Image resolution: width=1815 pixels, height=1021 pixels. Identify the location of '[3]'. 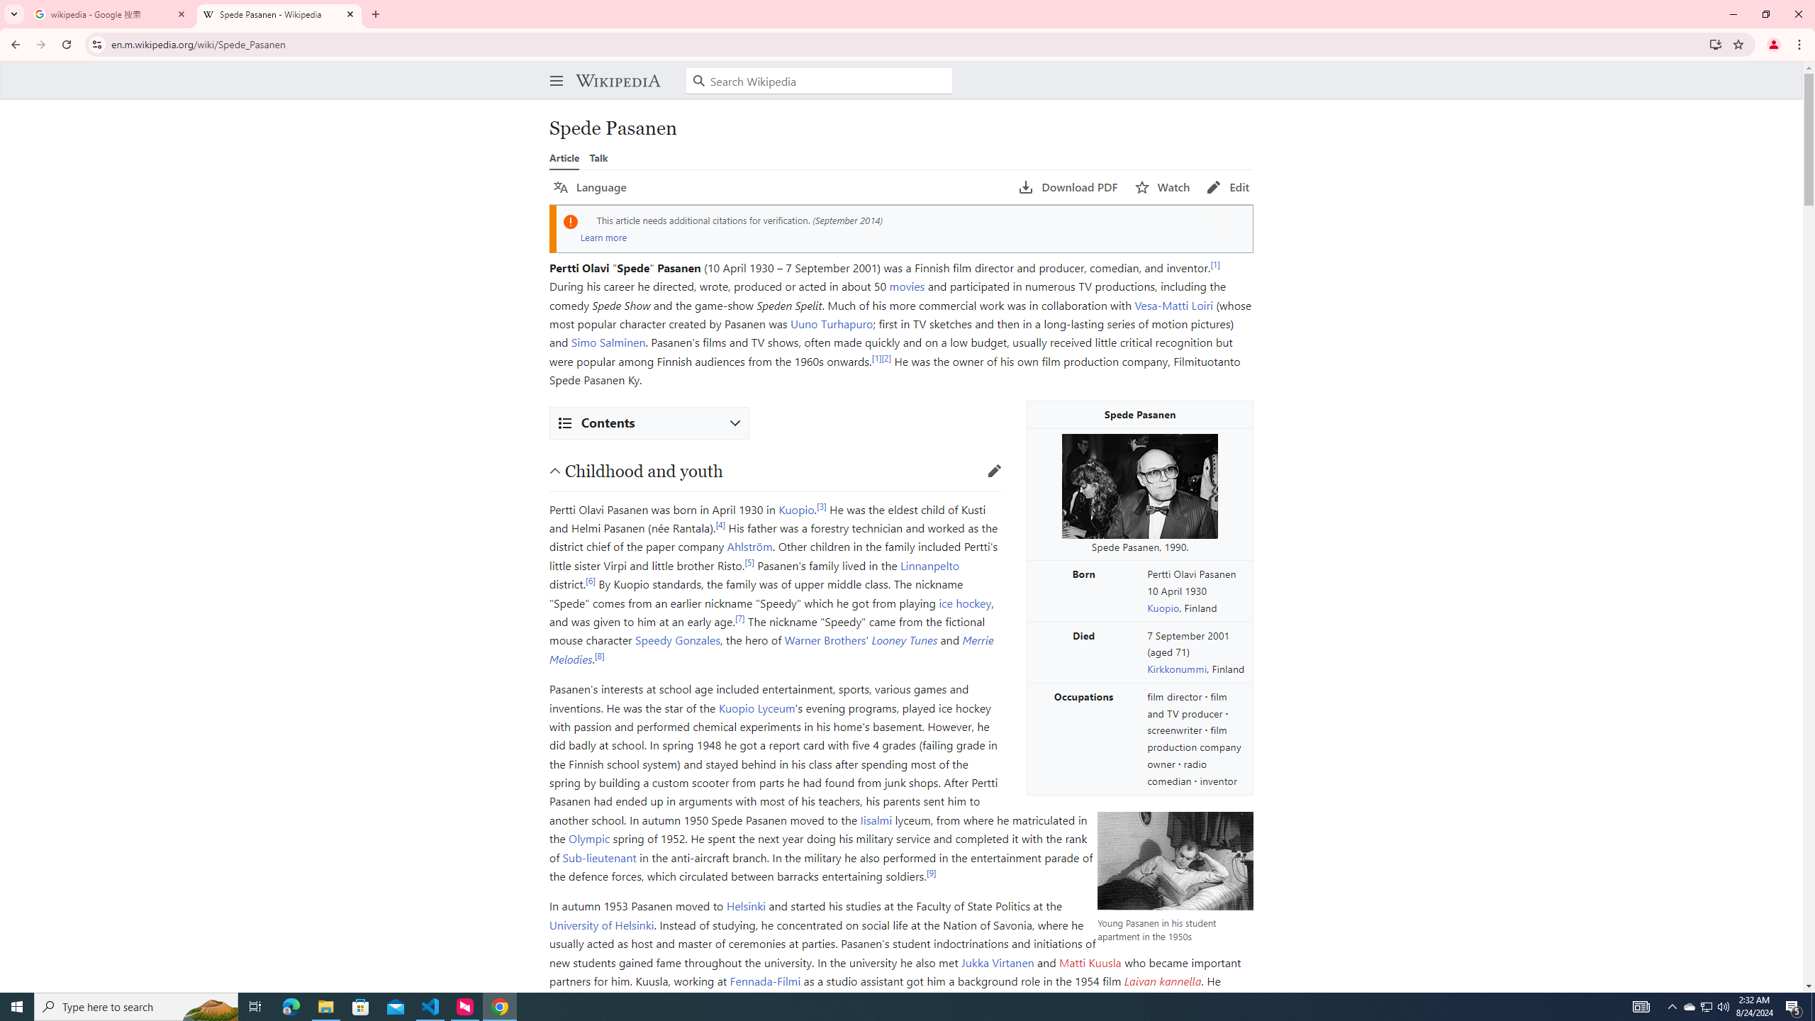
(820, 505).